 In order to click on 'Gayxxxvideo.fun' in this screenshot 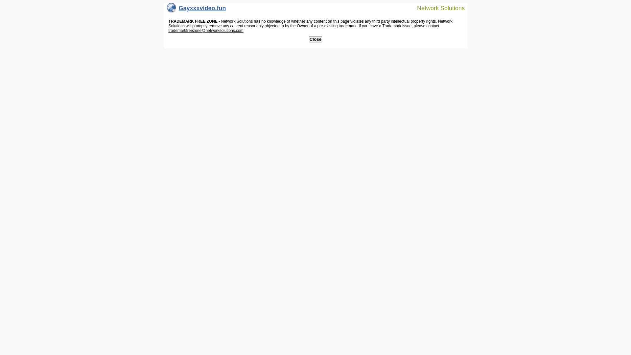, I will do `click(196, 10)`.